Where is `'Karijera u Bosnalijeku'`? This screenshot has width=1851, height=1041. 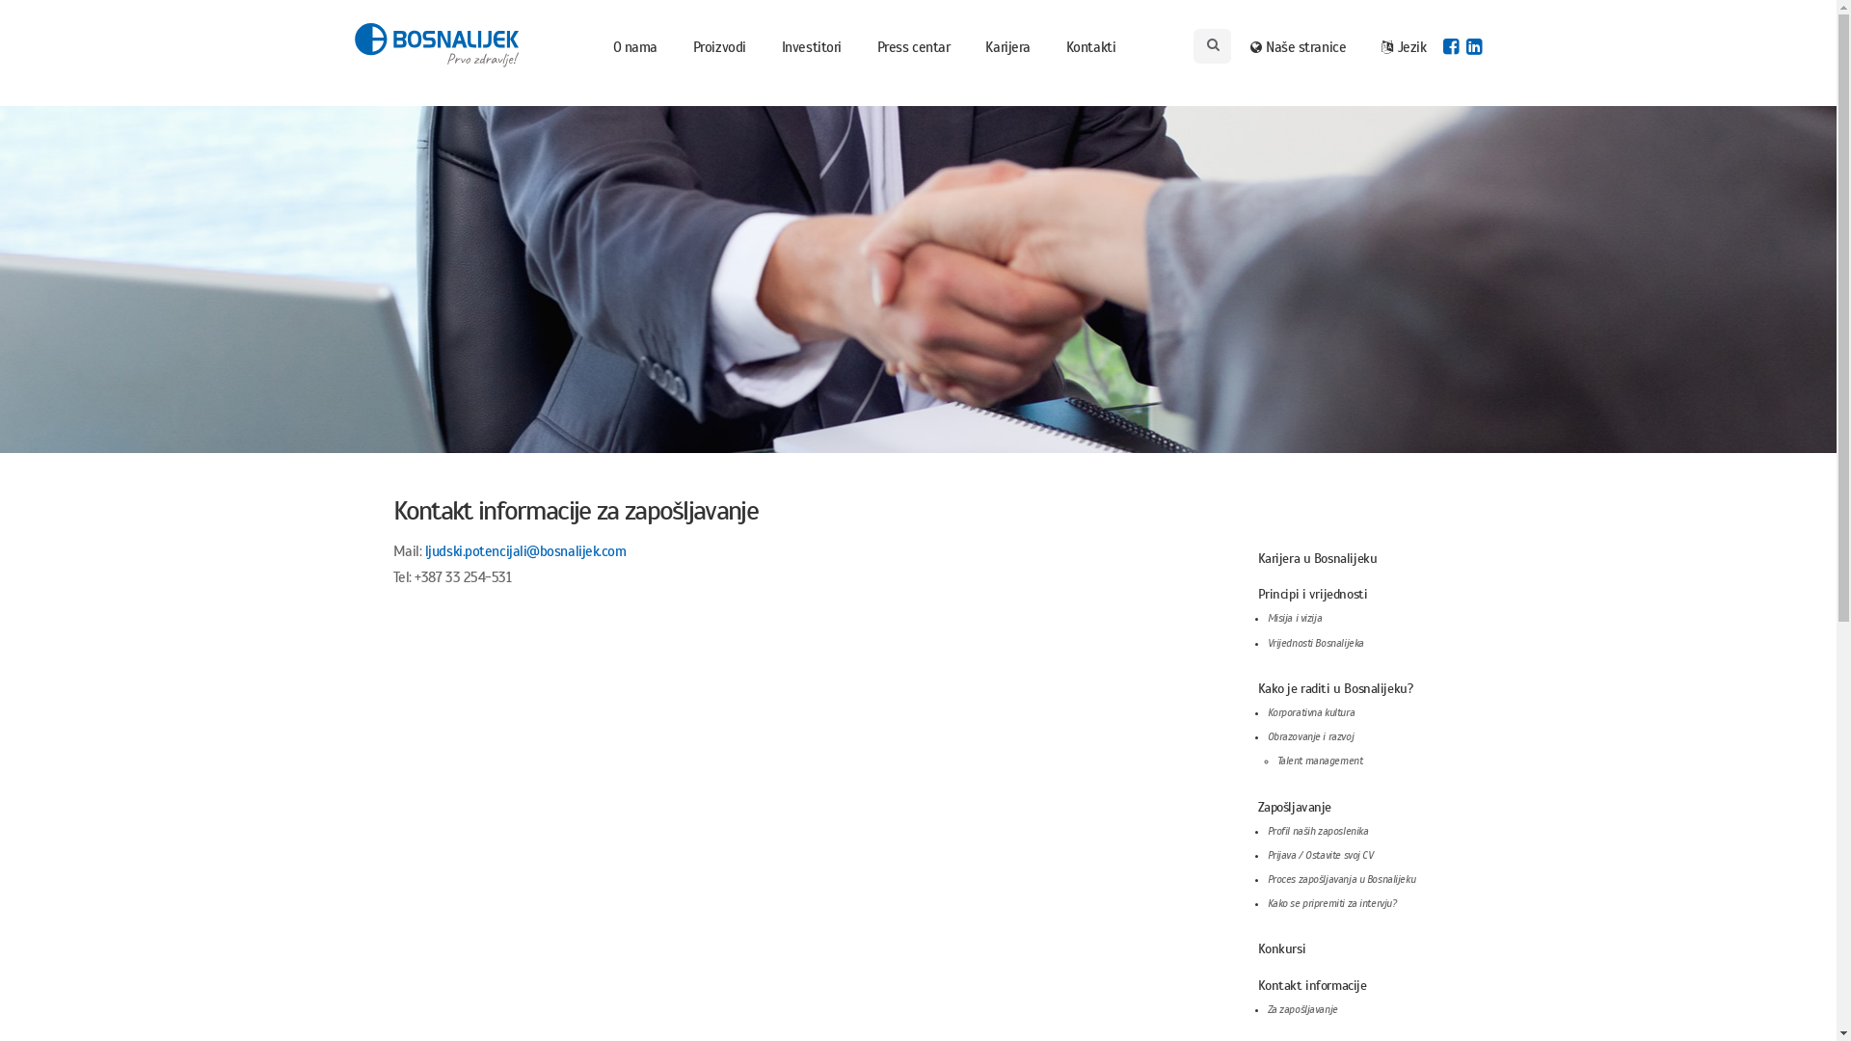
'Karijera u Bosnalijeku' is located at coordinates (1316, 558).